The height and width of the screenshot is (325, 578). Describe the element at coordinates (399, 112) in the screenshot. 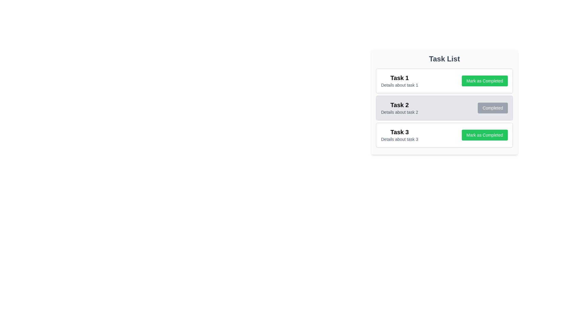

I see `the textual label displaying 'Details about task 2', which is located beneath the title 'Task 2' in the task list interface` at that location.